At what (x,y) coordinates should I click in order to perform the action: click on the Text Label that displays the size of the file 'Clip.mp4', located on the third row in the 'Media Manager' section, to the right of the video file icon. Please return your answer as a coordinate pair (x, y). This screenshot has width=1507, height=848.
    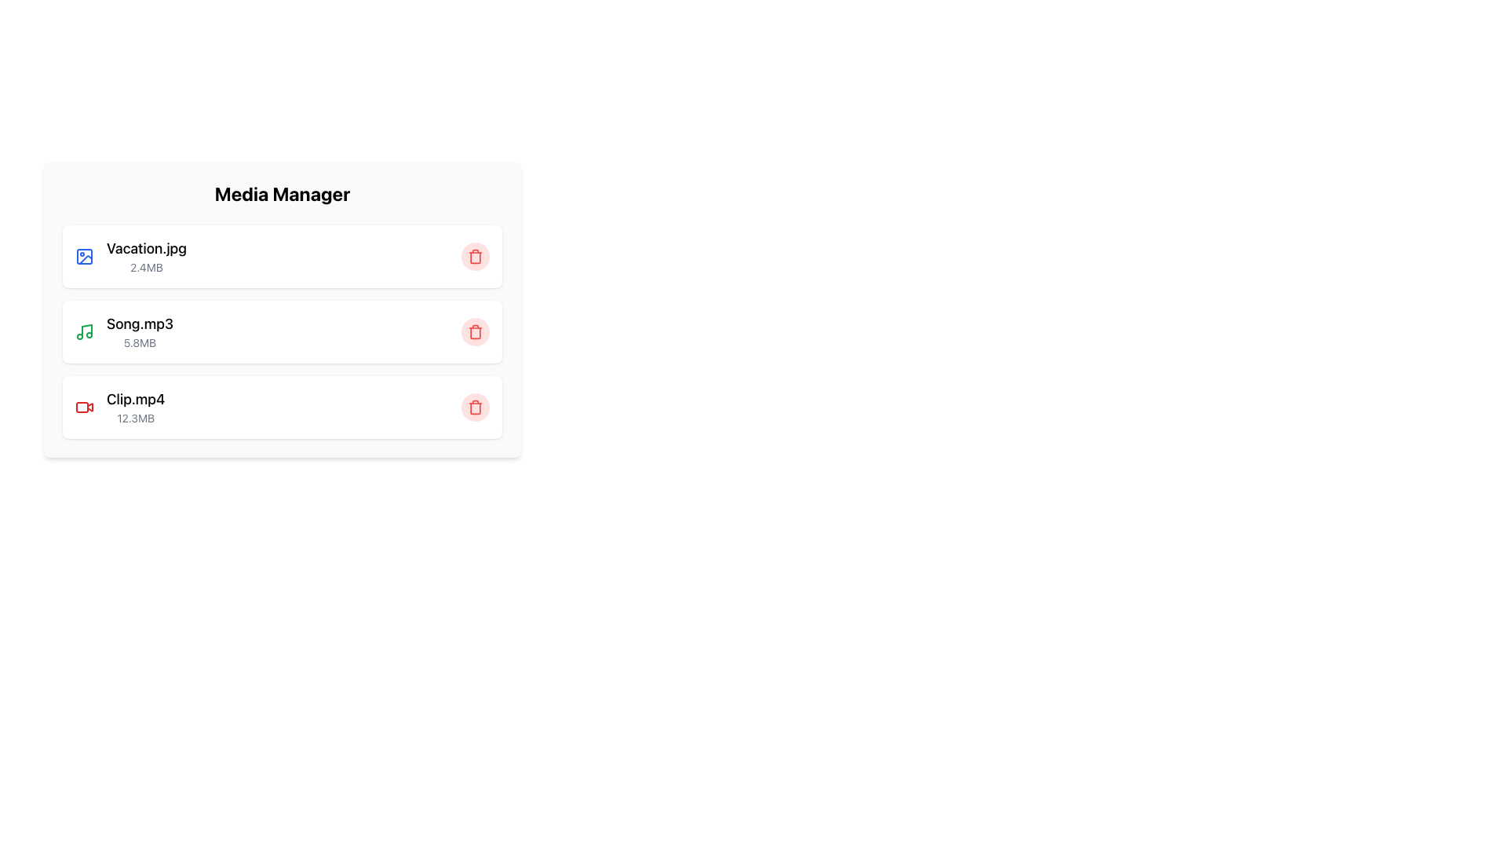
    Looking at the image, I should click on (136, 417).